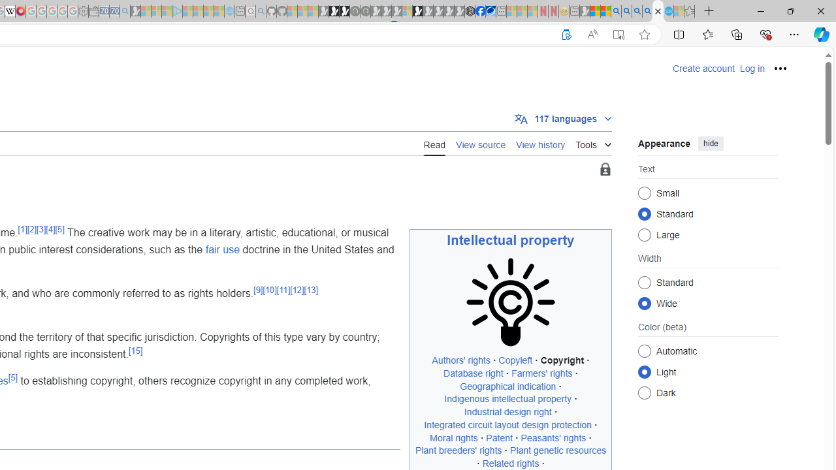  I want to click on 'Microsoft account | Privacy - Sleeping', so click(166, 11).